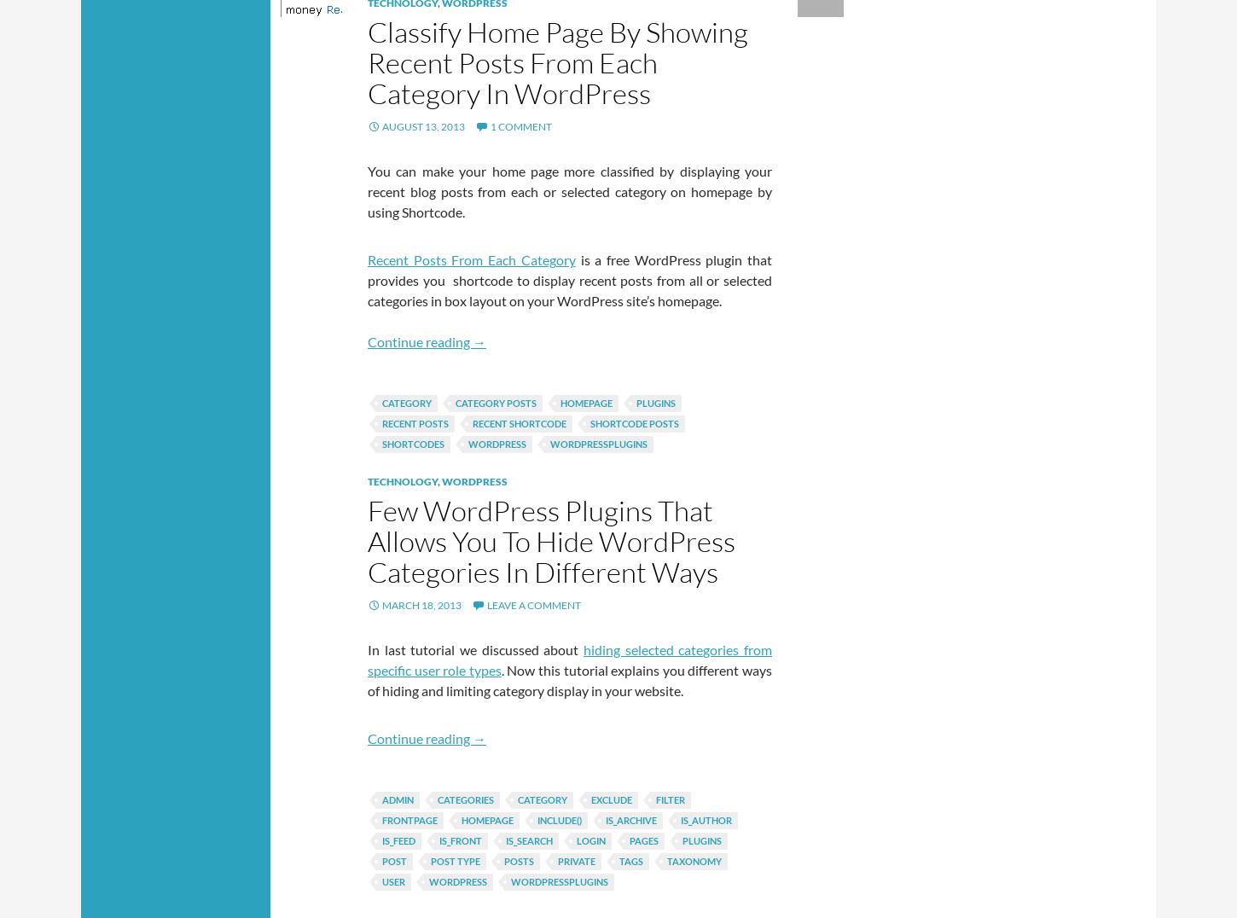 The height and width of the screenshot is (918, 1237). I want to click on 'filter', so click(671, 799).